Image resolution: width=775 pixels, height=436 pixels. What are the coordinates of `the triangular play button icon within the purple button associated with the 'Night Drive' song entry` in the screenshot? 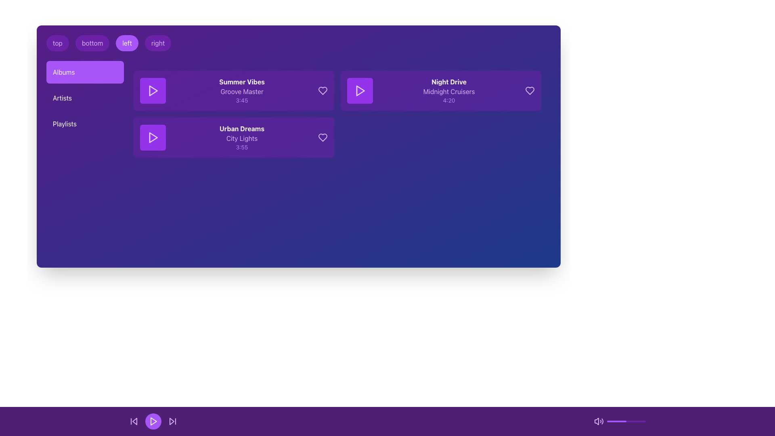 It's located at (360, 90).